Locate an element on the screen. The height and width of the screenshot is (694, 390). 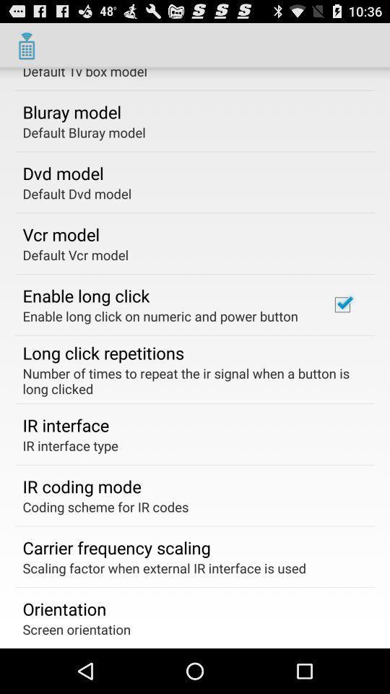
the item to the right of the enable long click item is located at coordinates (342, 304).